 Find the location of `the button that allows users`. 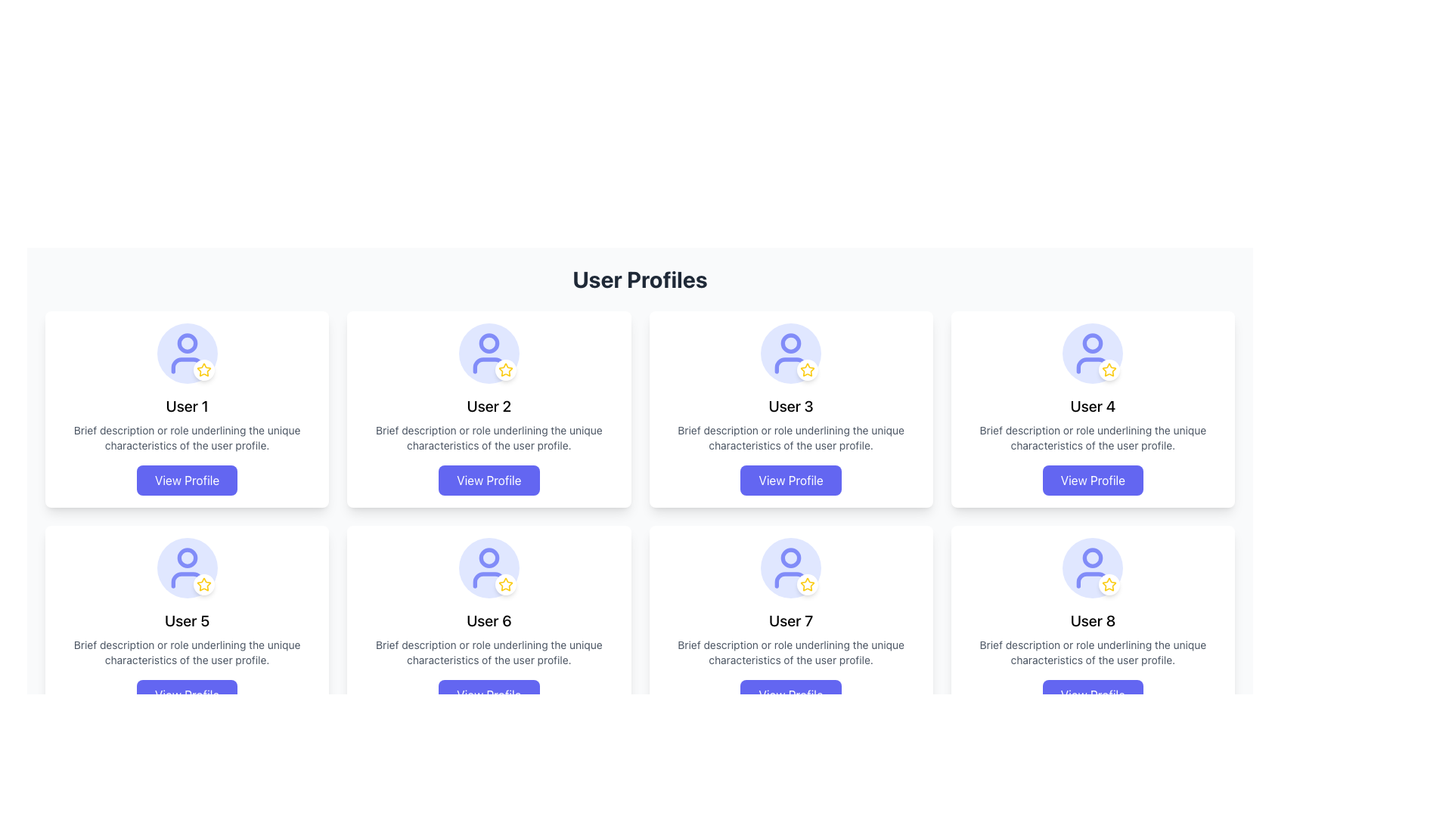

the button that allows users is located at coordinates (489, 695).